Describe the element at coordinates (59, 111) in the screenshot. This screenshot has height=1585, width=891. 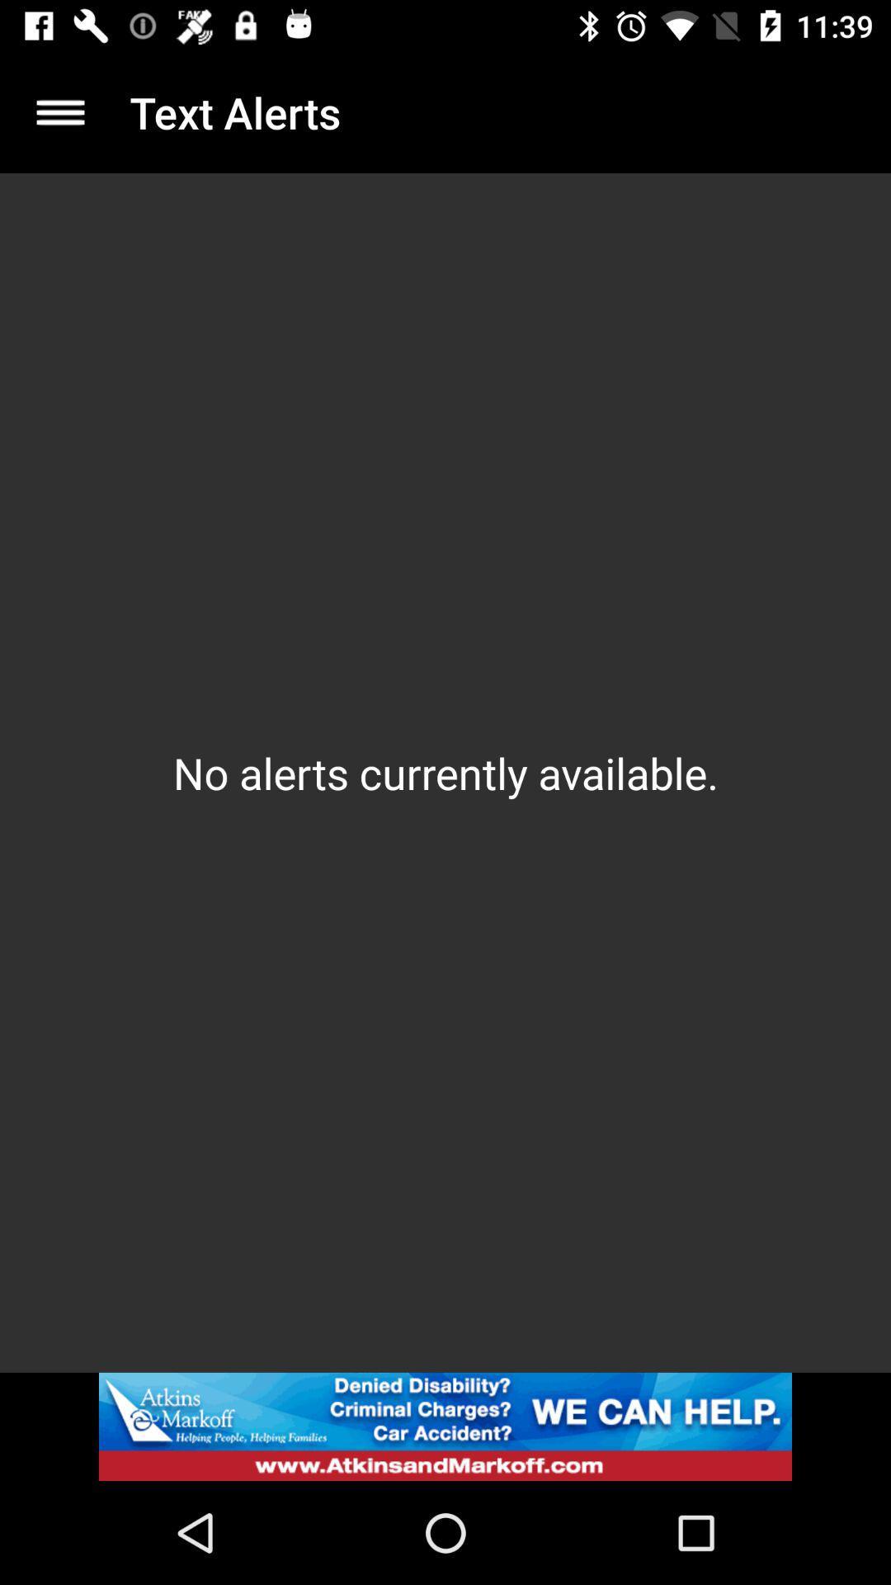
I see `the menu icon` at that location.